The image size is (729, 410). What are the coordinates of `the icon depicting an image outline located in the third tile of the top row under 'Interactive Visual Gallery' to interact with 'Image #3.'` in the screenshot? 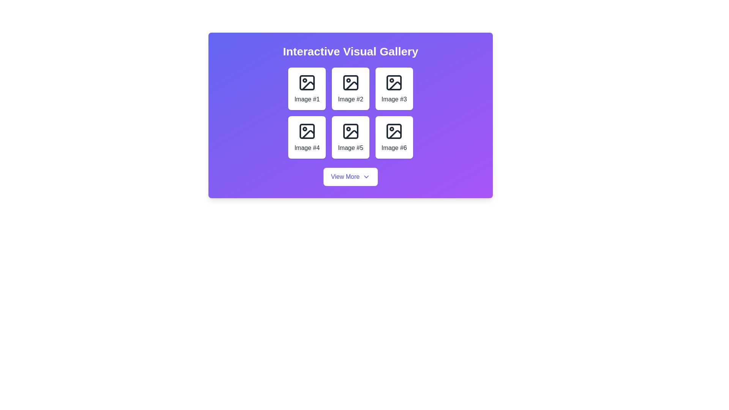 It's located at (394, 83).